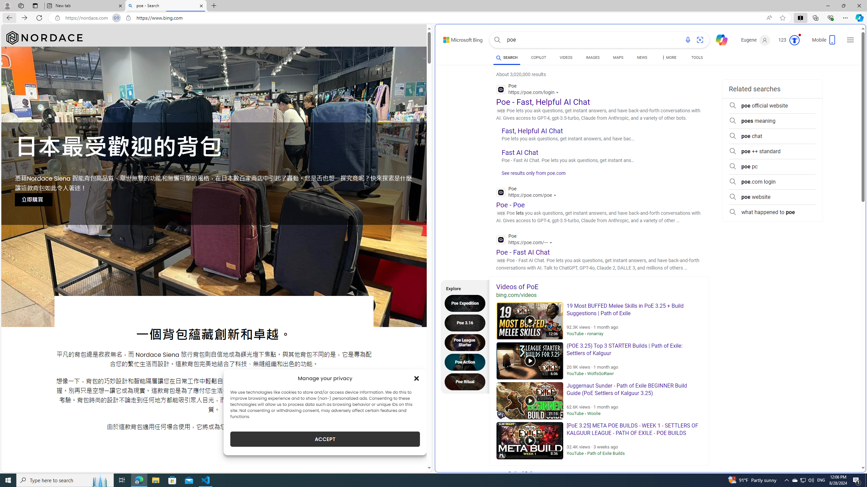  I want to click on 'Class: cmplz-close', so click(417, 378).